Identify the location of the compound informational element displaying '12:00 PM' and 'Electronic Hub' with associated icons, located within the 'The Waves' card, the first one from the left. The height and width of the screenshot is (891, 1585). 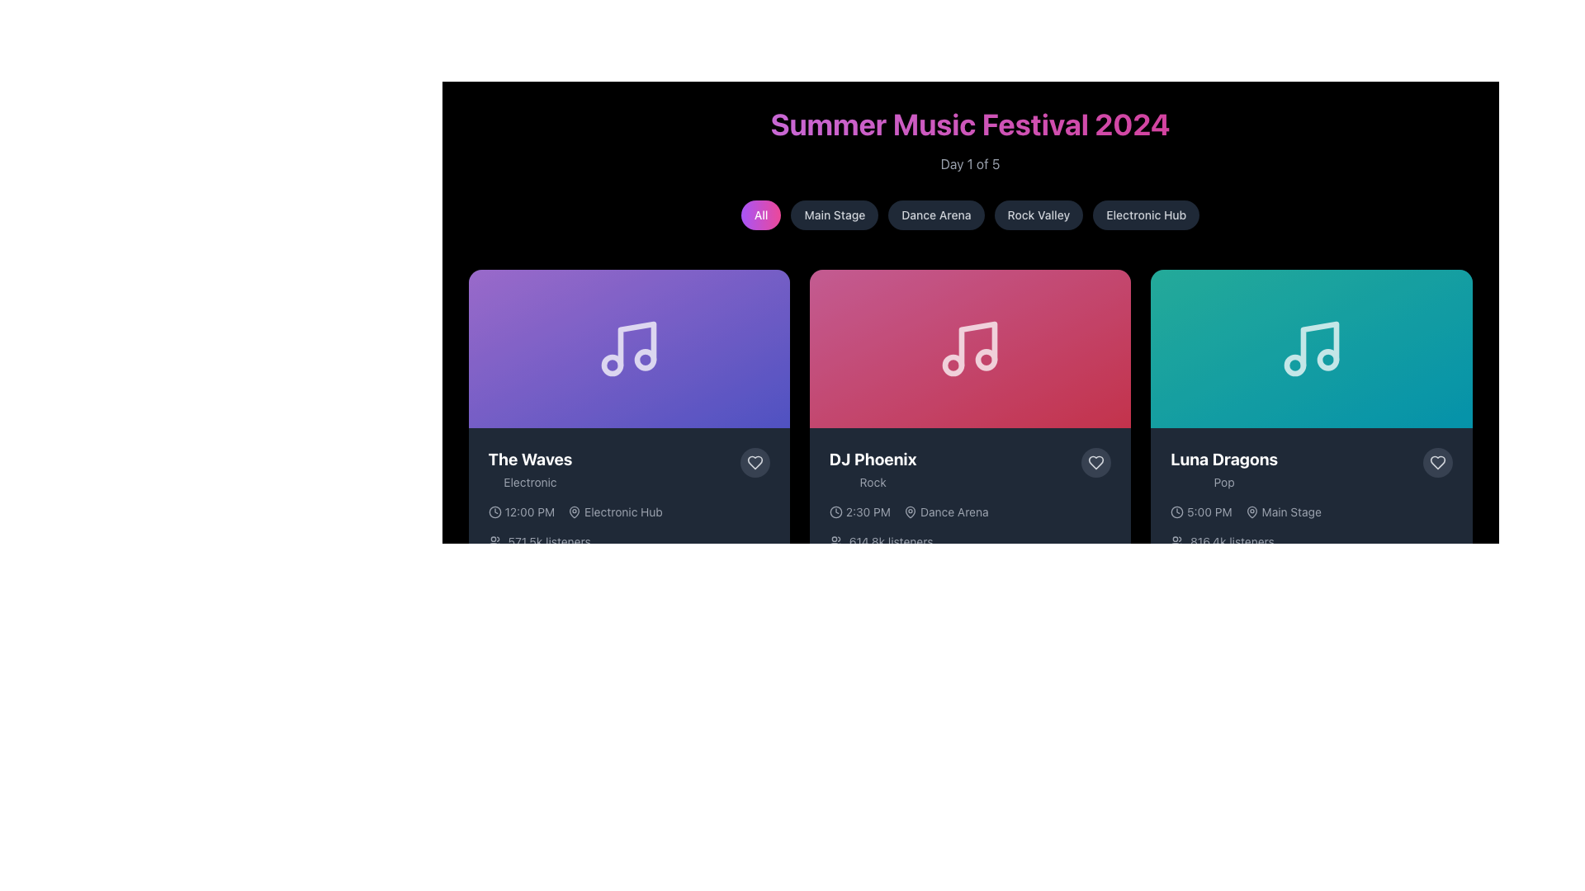
(628, 511).